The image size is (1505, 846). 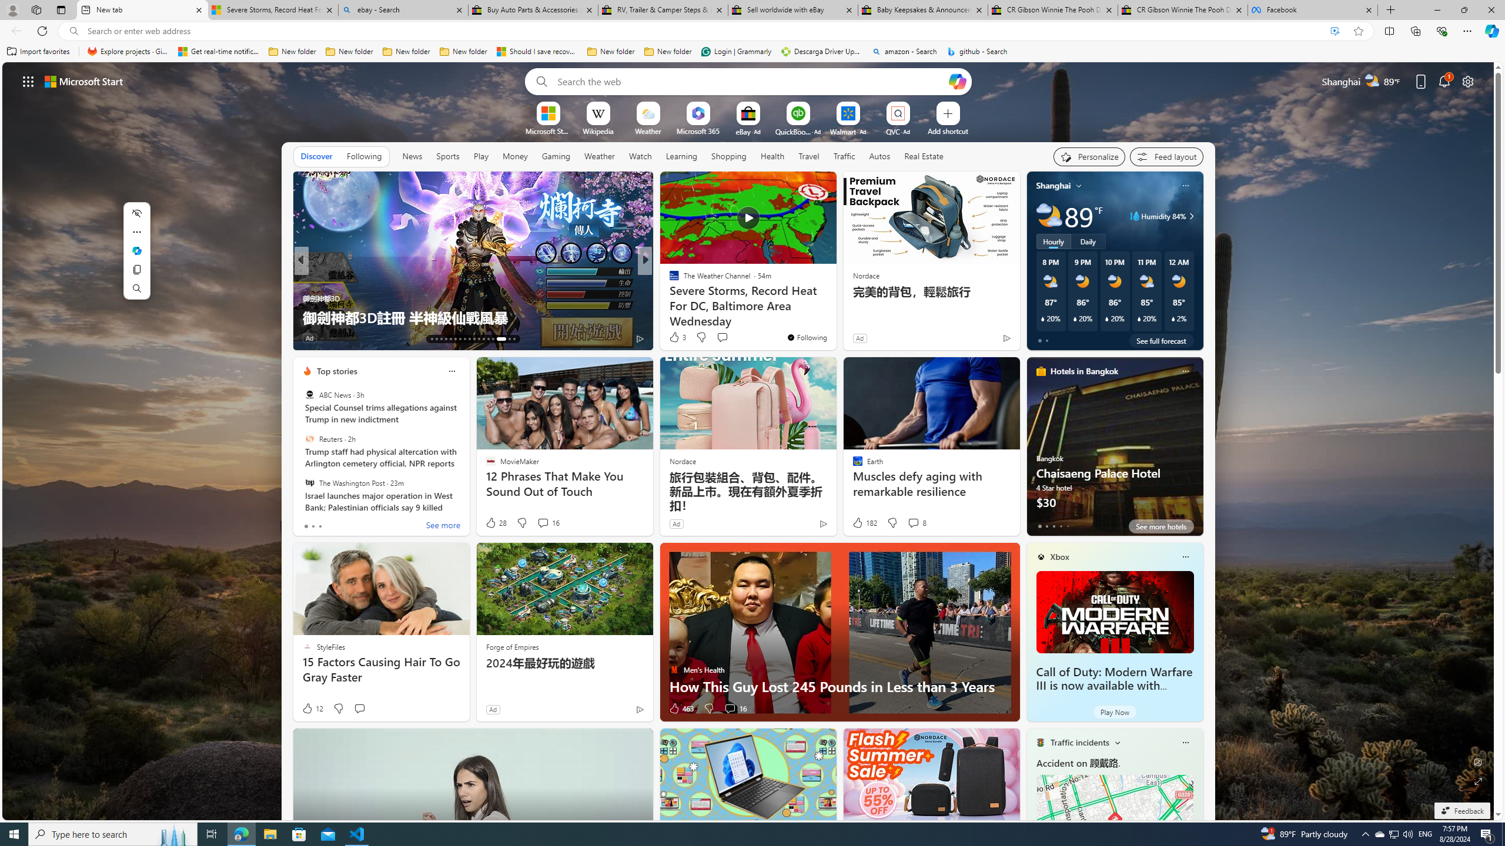 What do you see at coordinates (1049, 216) in the screenshot?
I see `'Partly cloudy'` at bounding box center [1049, 216].